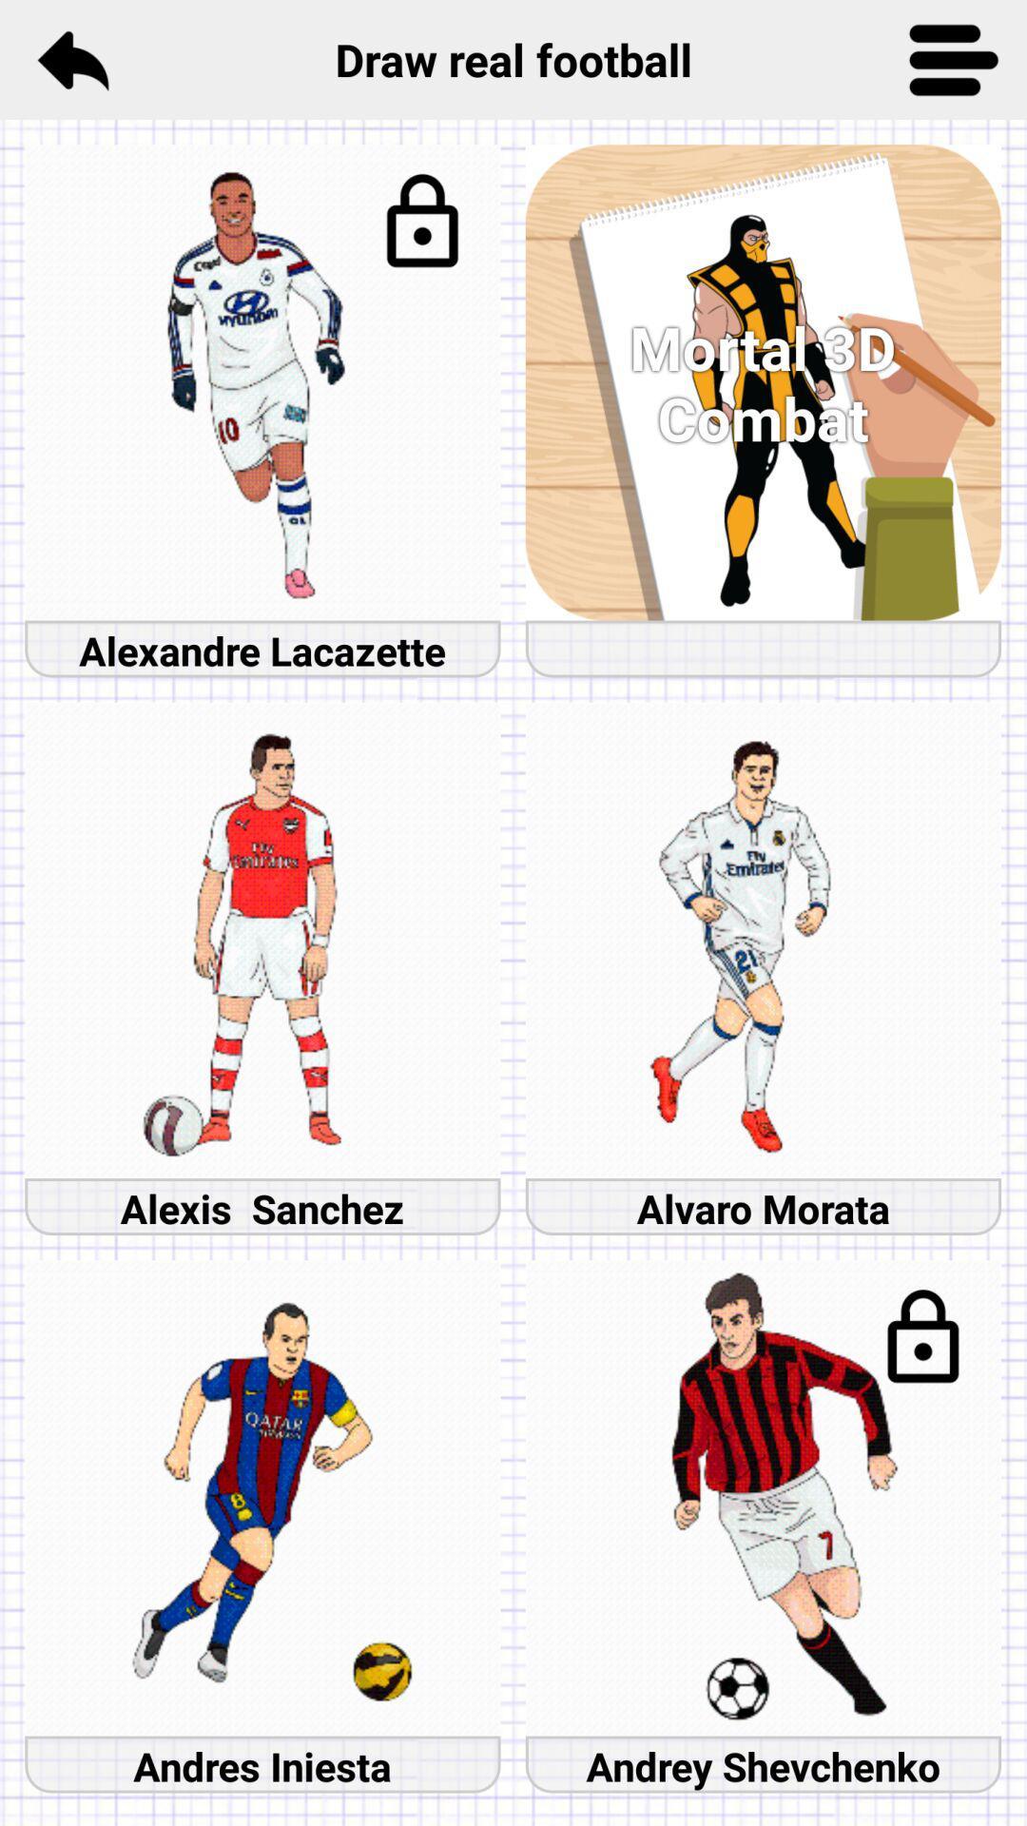 This screenshot has width=1027, height=1826. I want to click on go back, so click(71, 59).